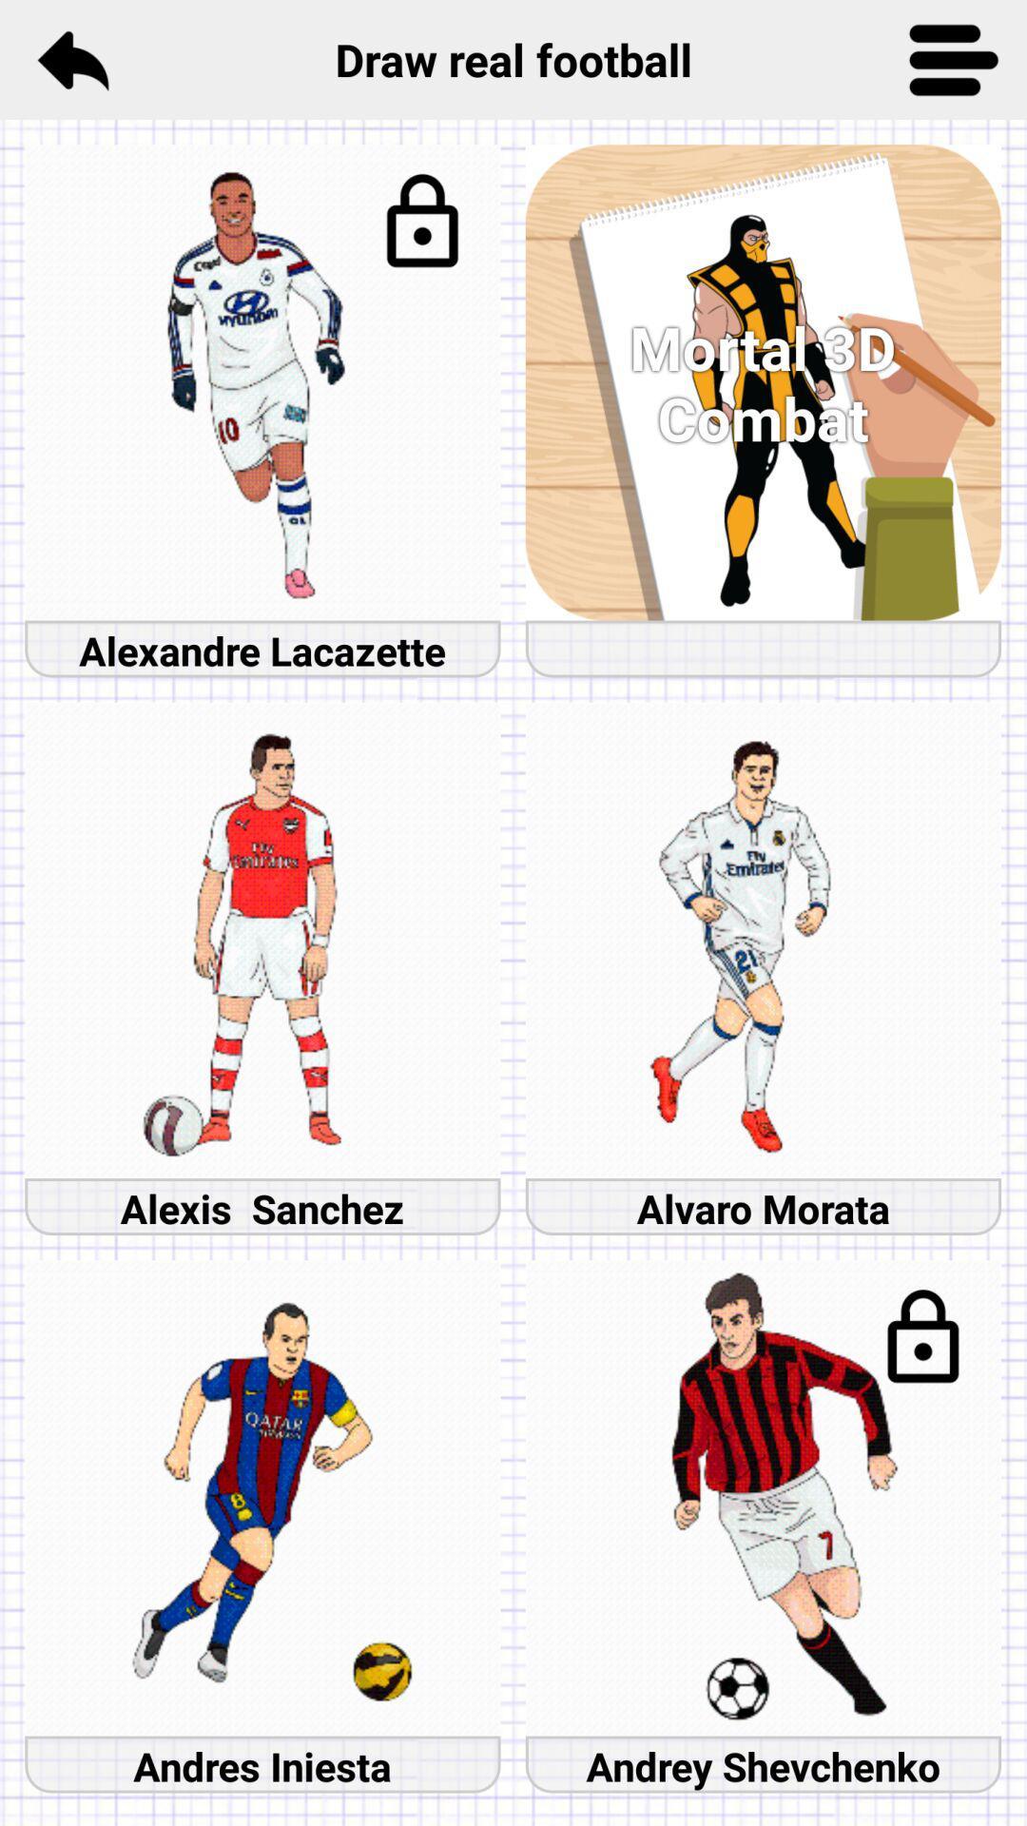 This screenshot has width=1027, height=1826. I want to click on go back, so click(71, 59).